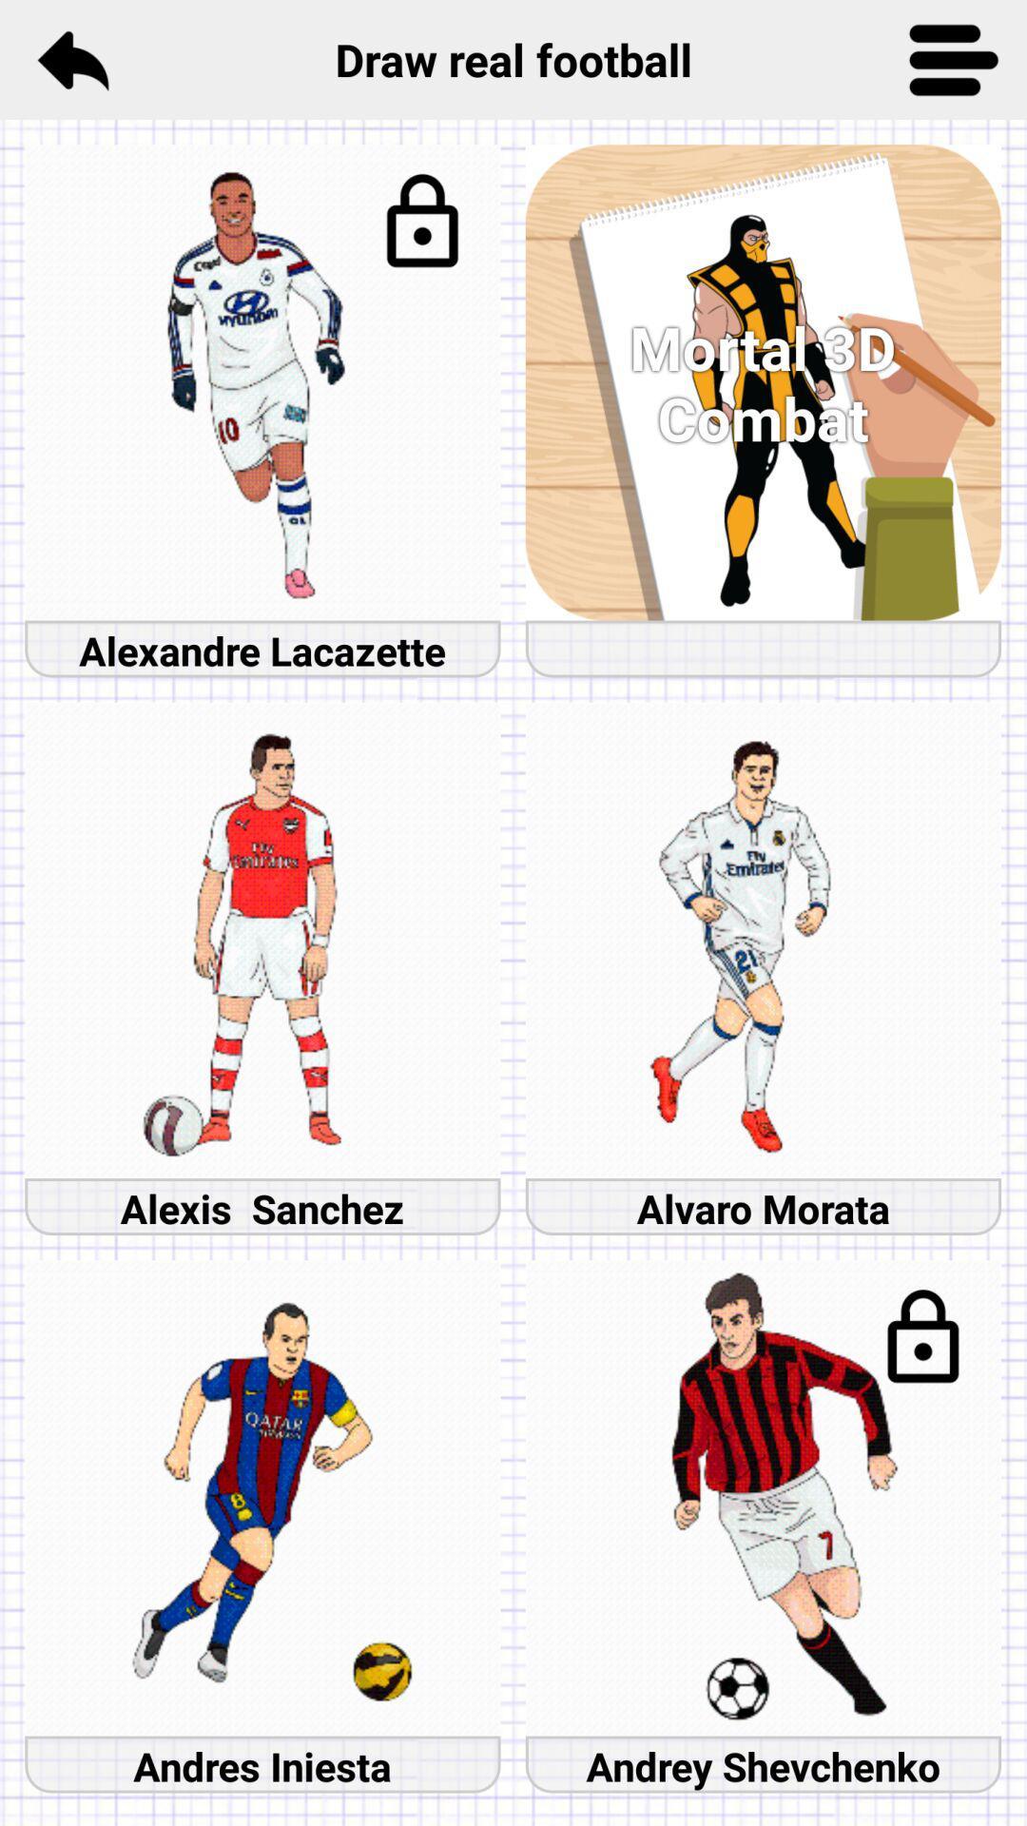 This screenshot has width=1027, height=1826. I want to click on go back, so click(71, 59).